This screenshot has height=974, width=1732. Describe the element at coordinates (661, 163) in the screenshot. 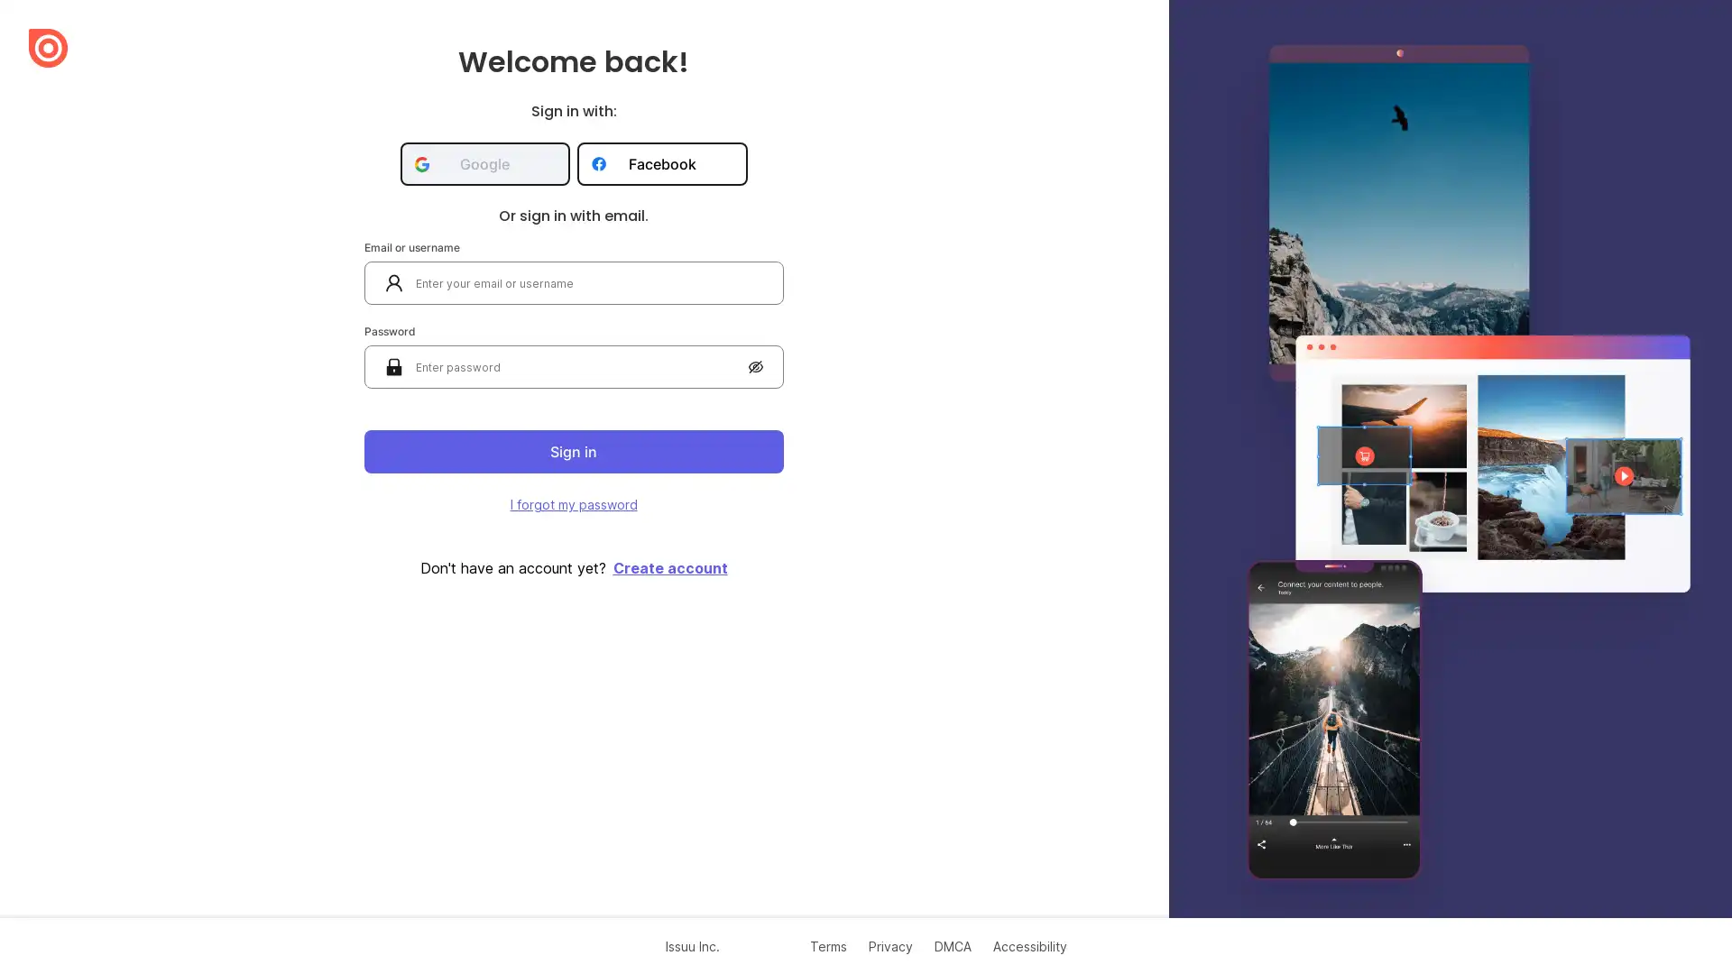

I see `Facebook` at that location.